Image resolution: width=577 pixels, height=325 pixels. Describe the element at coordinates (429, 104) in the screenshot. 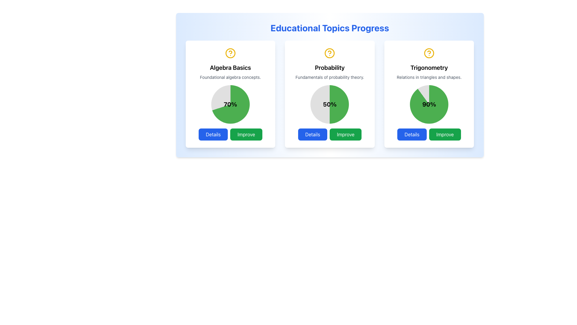

I see `the text label displaying '90%' in bold, extra-large font, centered within the circular progress chart of the card titled 'Trigonometry'` at that location.